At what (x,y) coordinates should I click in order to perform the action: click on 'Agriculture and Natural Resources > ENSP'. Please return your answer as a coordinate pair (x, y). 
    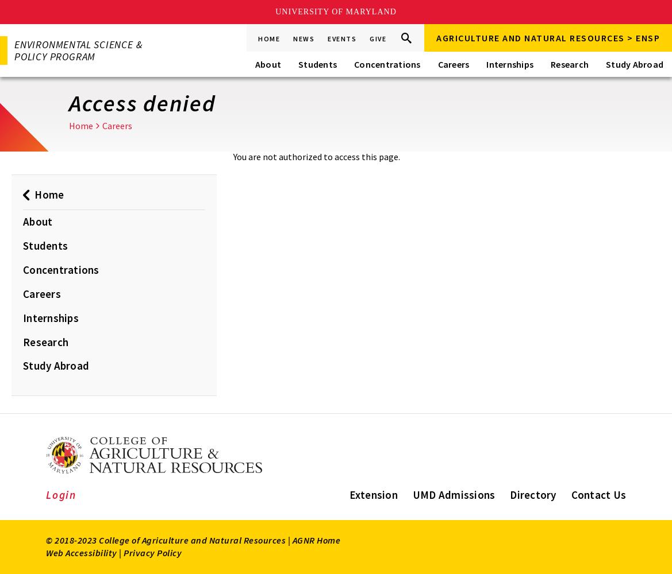
    Looking at the image, I should click on (547, 37).